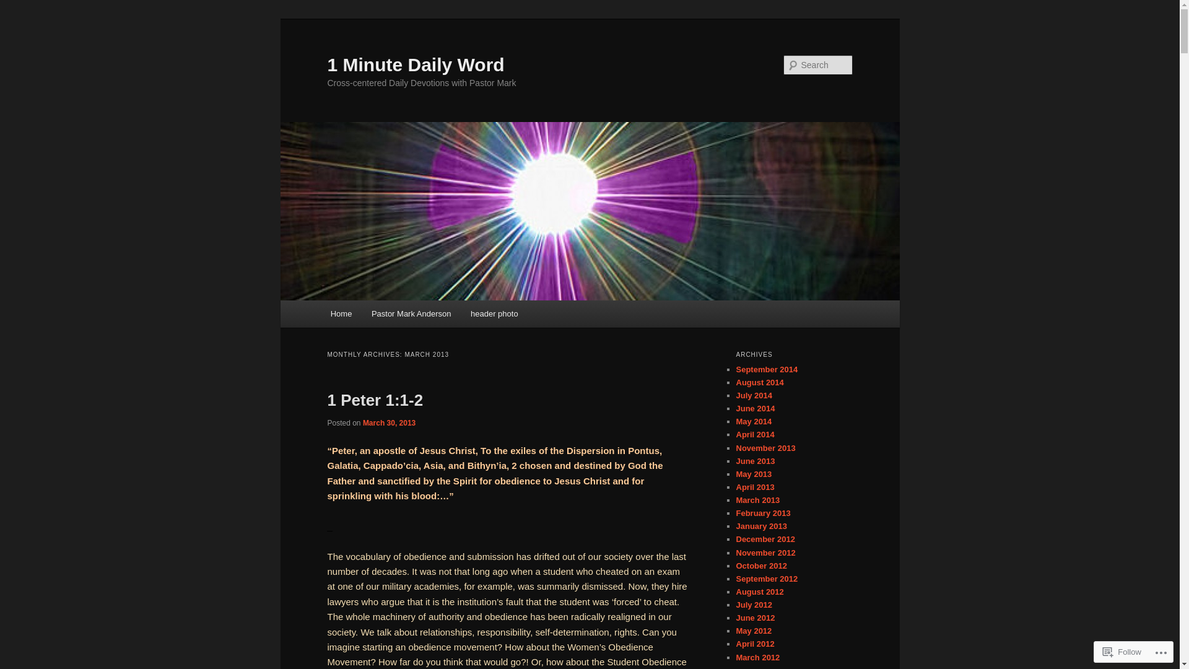 The width and height of the screenshot is (1189, 669). I want to click on 'Follow', so click(1097, 651).